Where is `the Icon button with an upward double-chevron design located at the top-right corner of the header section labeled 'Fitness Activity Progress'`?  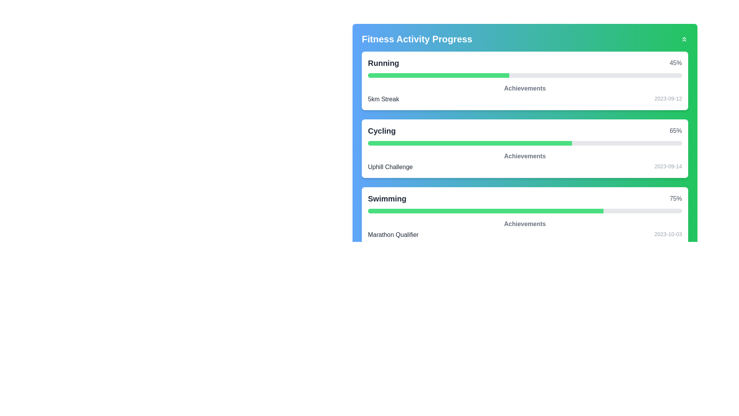
the Icon button with an upward double-chevron design located at the top-right corner of the header section labeled 'Fitness Activity Progress' is located at coordinates (684, 39).